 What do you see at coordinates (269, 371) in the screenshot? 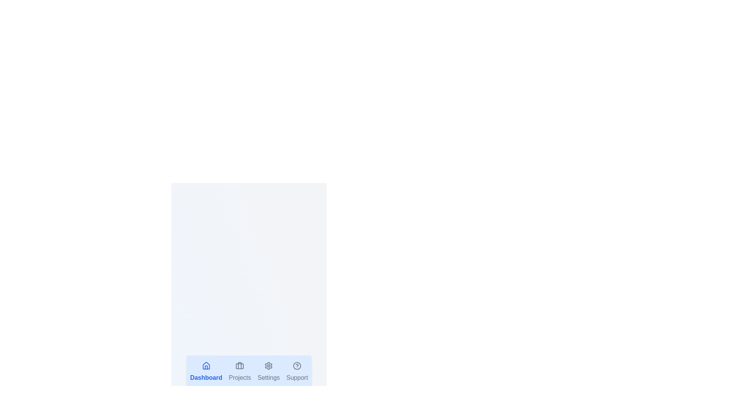
I see `the tab labeled Settings` at bounding box center [269, 371].